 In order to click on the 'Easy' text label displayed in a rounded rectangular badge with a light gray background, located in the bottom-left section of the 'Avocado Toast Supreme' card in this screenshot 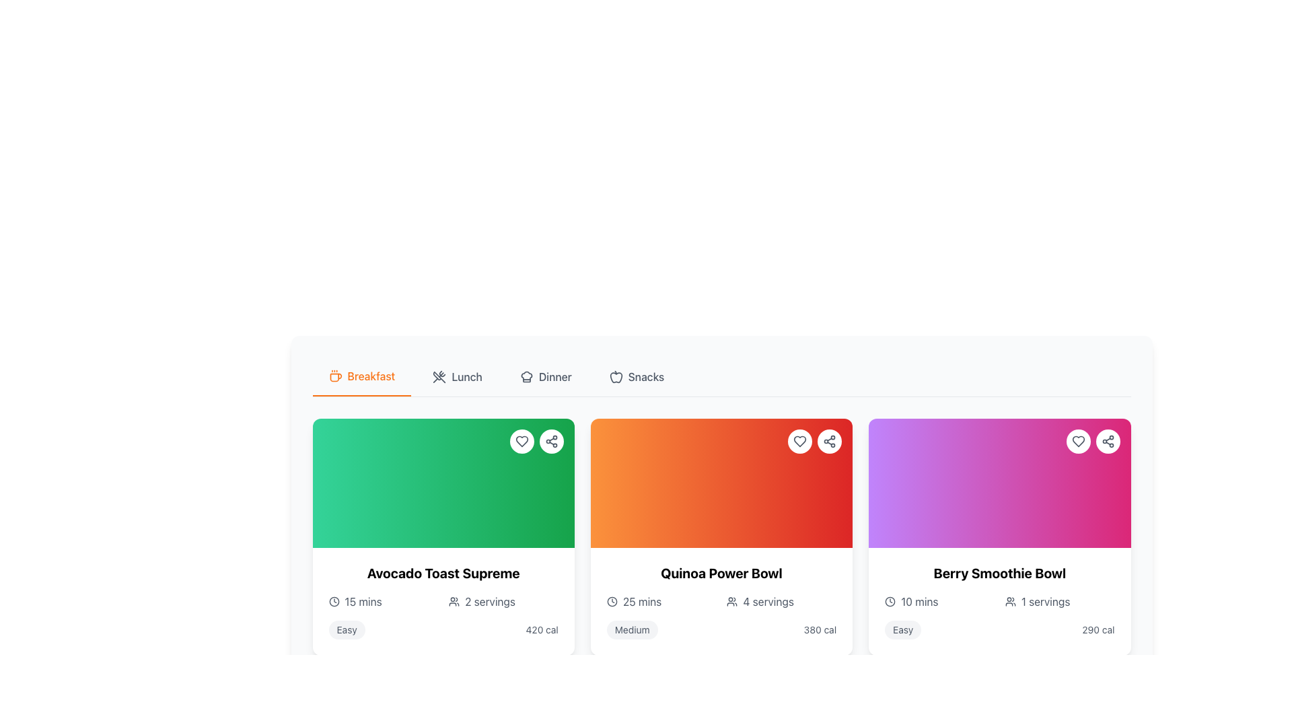, I will do `click(347, 630)`.